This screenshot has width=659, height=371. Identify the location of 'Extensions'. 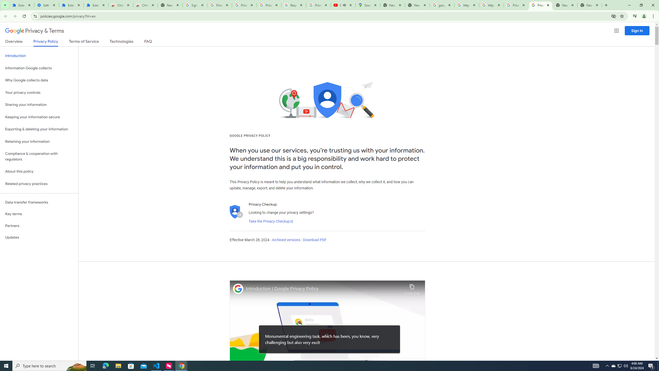
(96, 5).